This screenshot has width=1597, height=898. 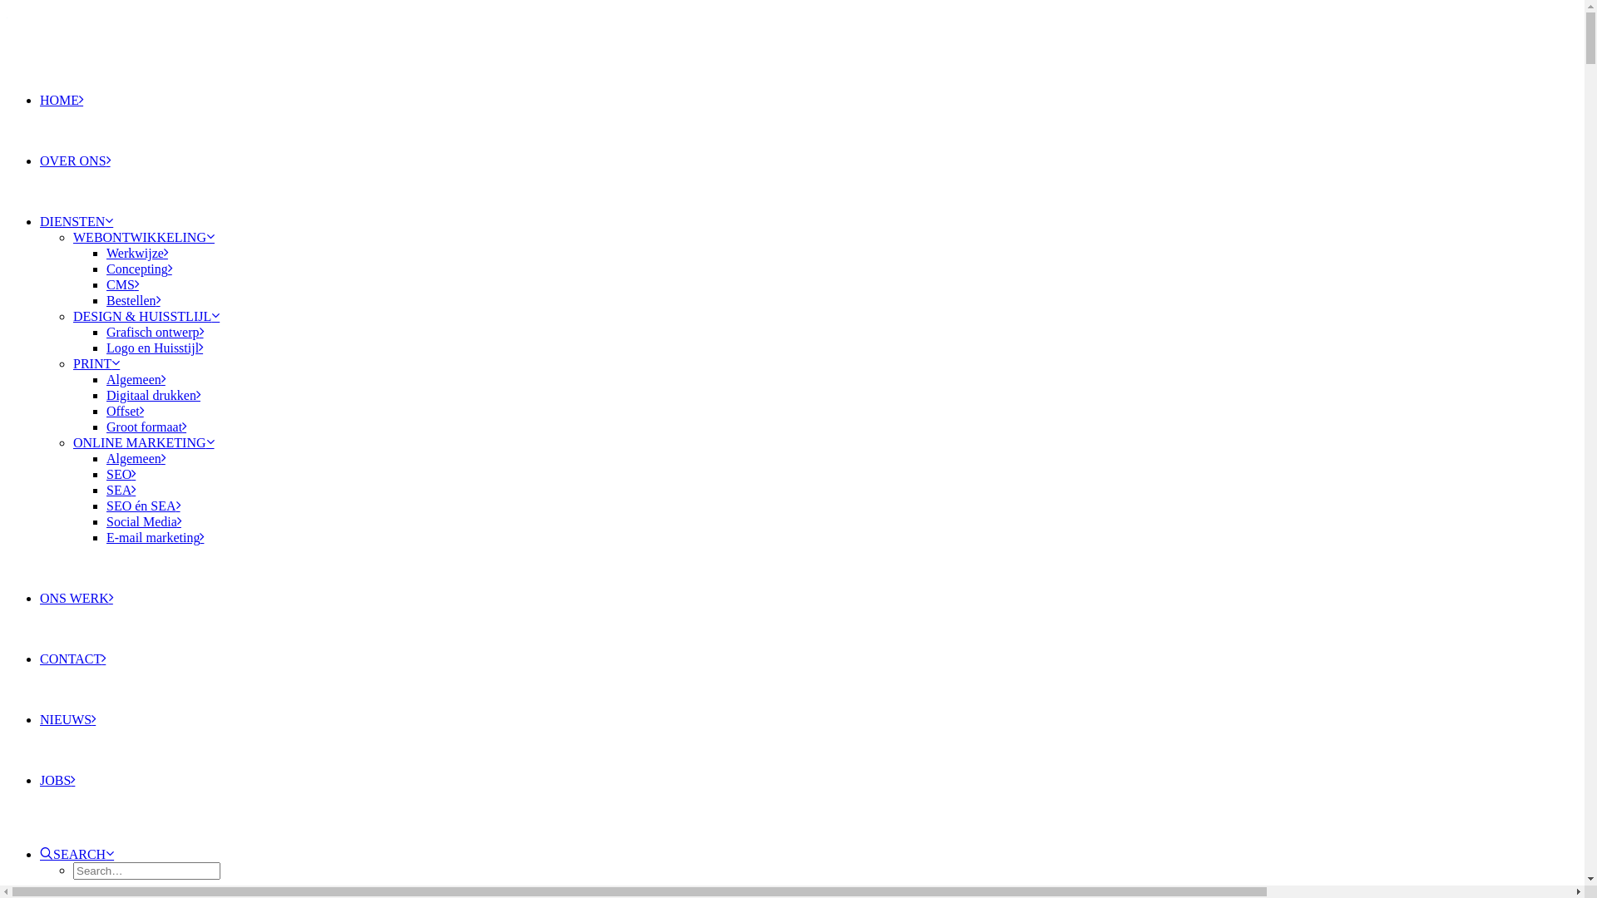 I want to click on 'SEA', so click(x=120, y=489).